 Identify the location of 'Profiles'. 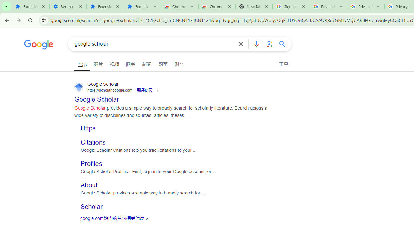
(91, 163).